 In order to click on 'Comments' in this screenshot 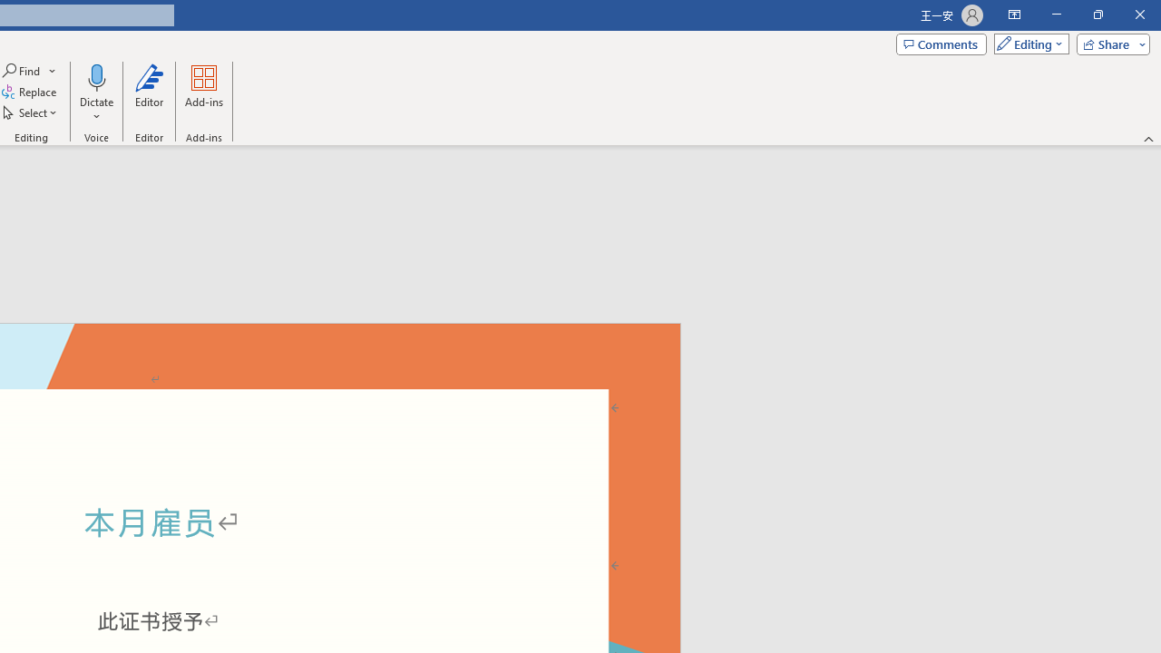, I will do `click(941, 43)`.